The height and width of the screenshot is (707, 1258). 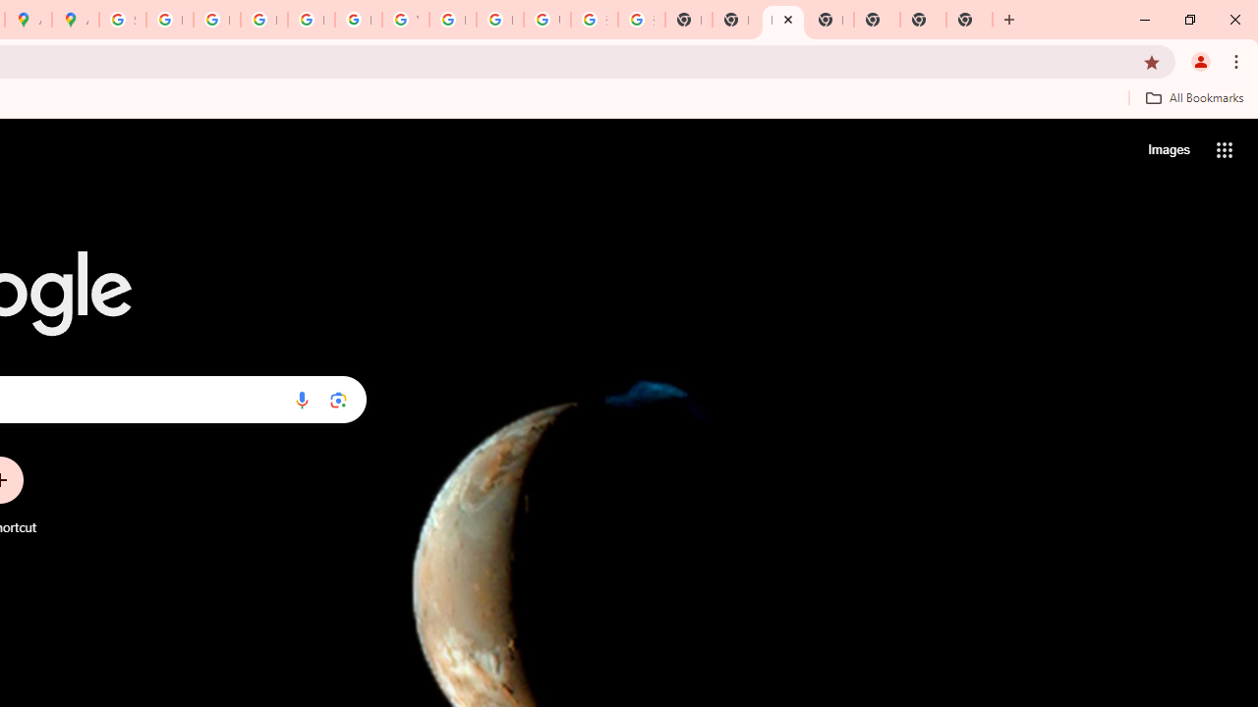 What do you see at coordinates (829, 20) in the screenshot?
I see `'New Tab'` at bounding box center [829, 20].